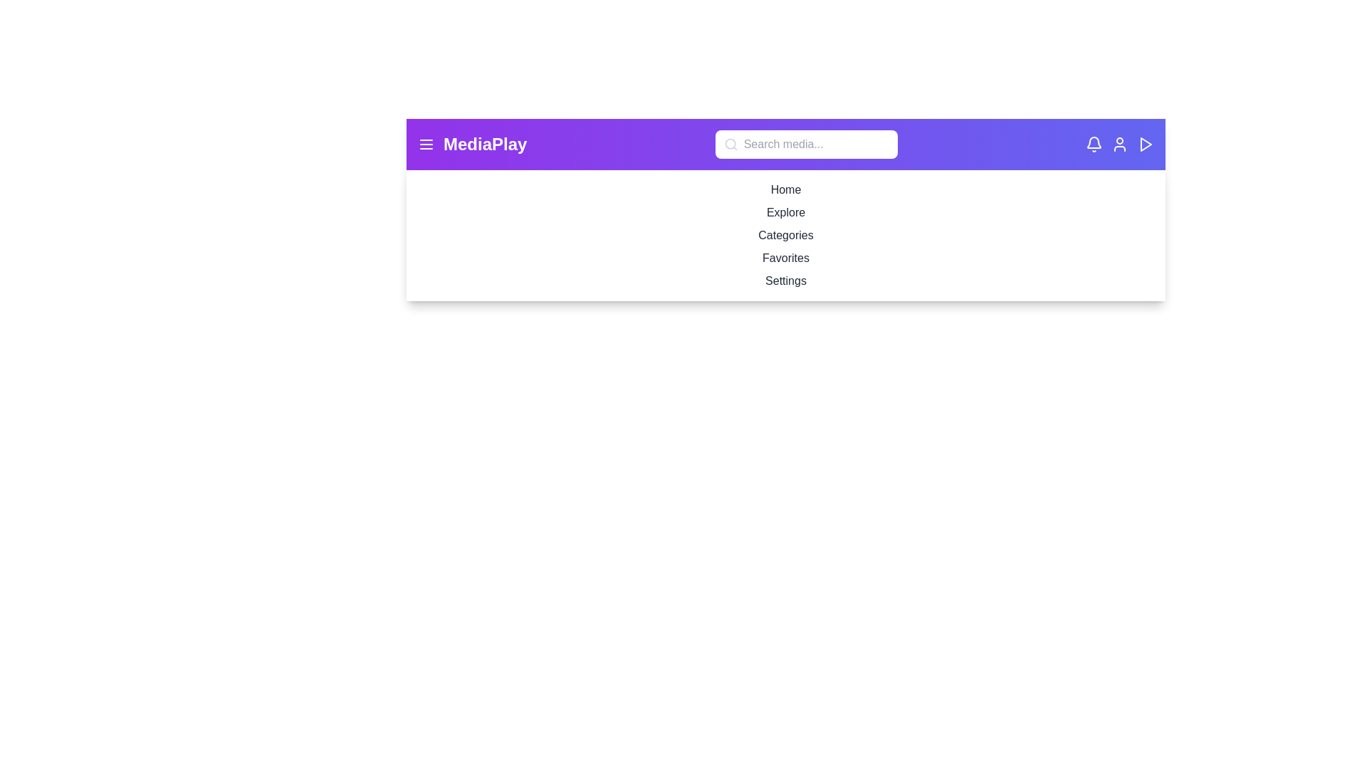 The width and height of the screenshot is (1367, 769). Describe the element at coordinates (1146, 145) in the screenshot. I see `the play button SVG element located at the far right end of the navigation bar` at that location.